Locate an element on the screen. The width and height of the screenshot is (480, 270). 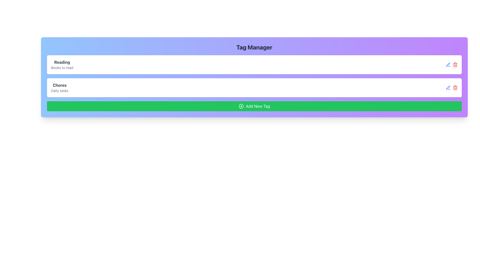
the red trash can icon located at the far right of the horizontal section is located at coordinates (455, 87).